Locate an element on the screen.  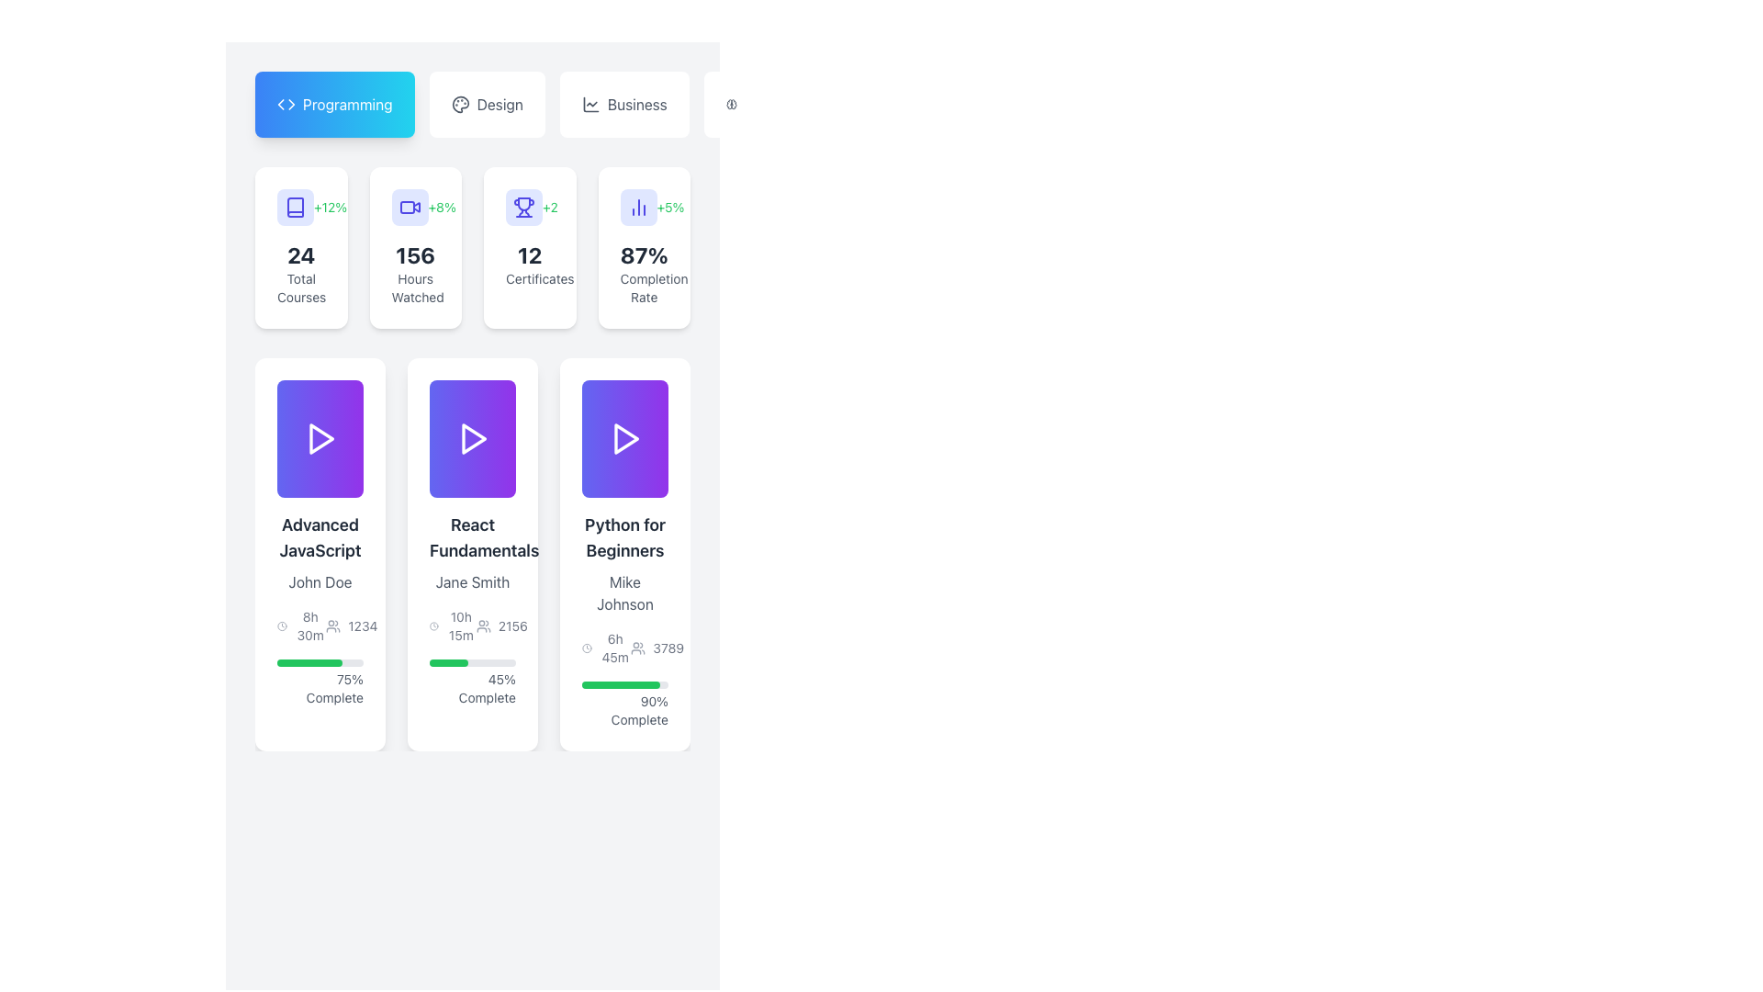
the second card titled 'React Fundamentals' in the grid layout is located at coordinates (472, 554).